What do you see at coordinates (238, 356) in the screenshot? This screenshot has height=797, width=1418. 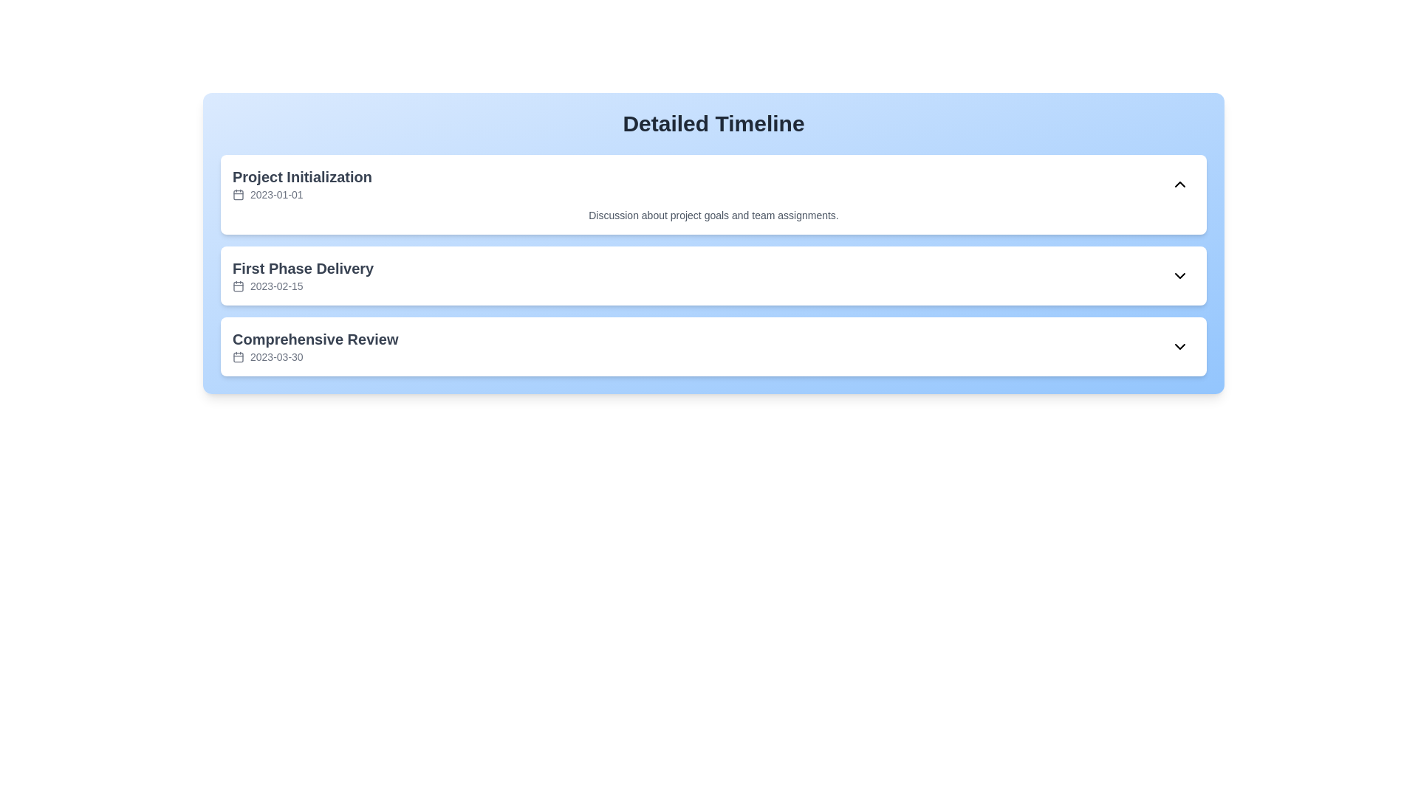 I see `the calendar icon by clicking on the graphical icon component located to the left of the 'Comprehensive Review' text` at bounding box center [238, 356].